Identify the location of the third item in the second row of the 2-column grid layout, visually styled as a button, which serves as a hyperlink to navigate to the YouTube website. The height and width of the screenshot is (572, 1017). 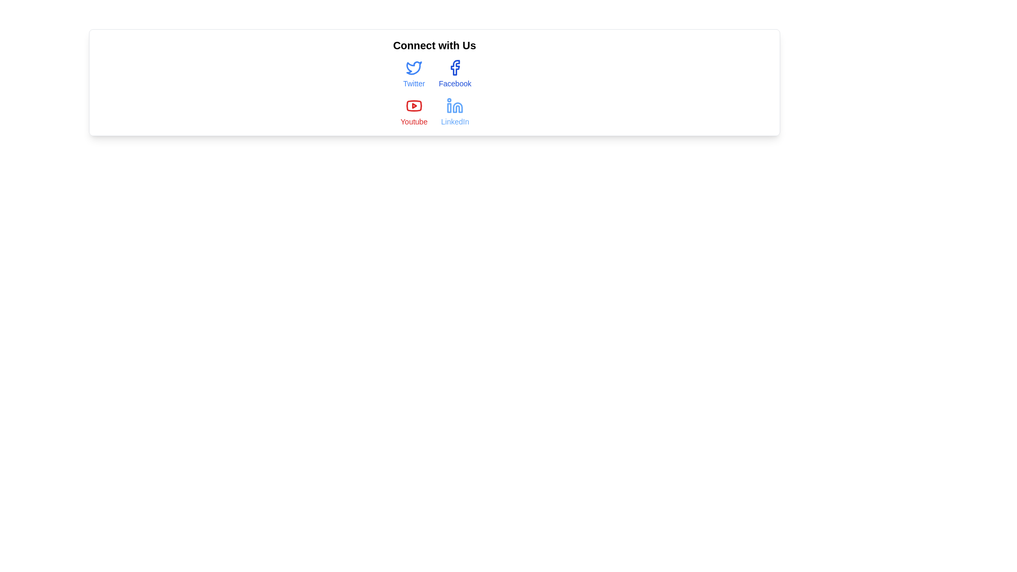
(413, 112).